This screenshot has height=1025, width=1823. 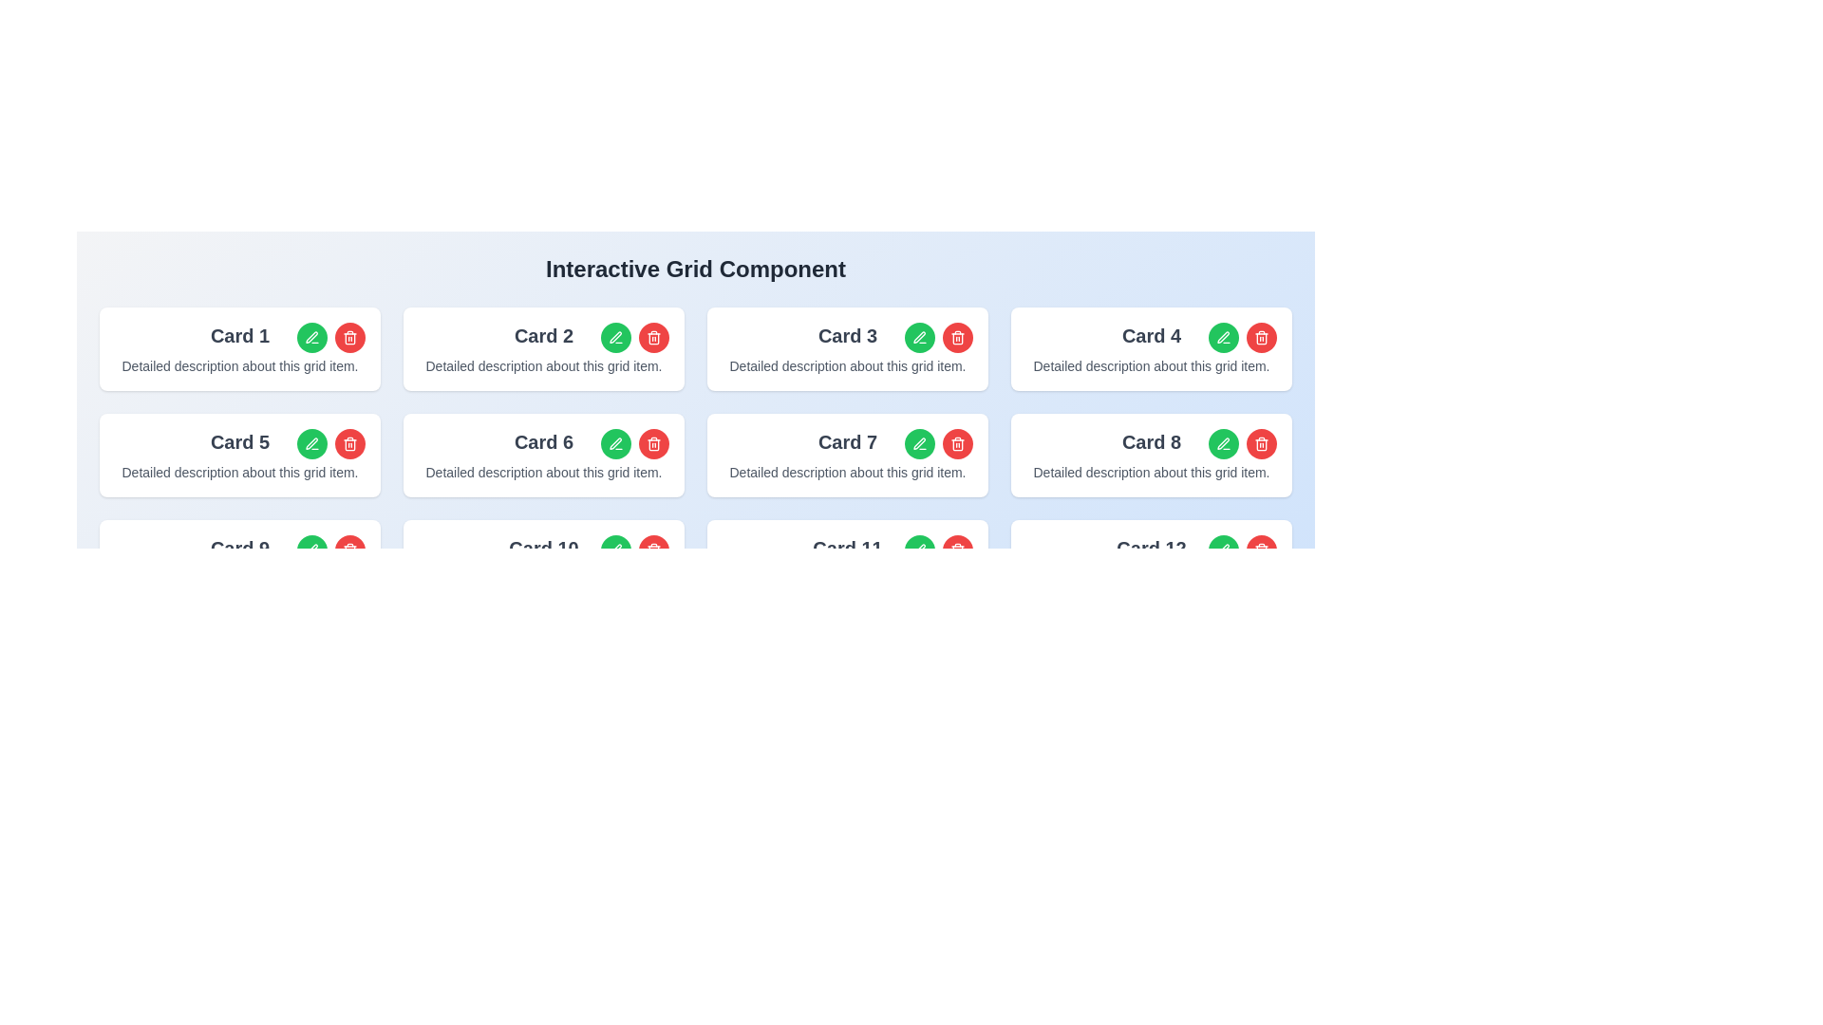 I want to click on the static text label 'Card 7', which is styled with bold black text and is located in the second row, third column of the grid layout, so click(x=846, y=442).